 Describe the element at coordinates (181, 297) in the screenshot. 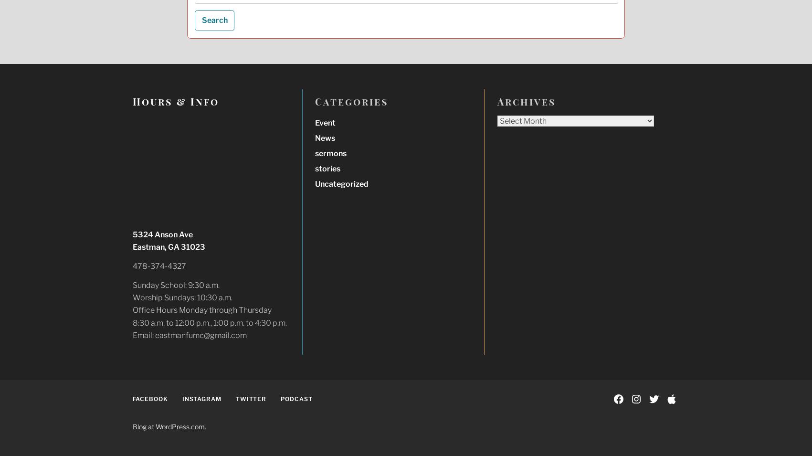

I see `'Worship Sundays: 10:30 a.m.'` at that location.